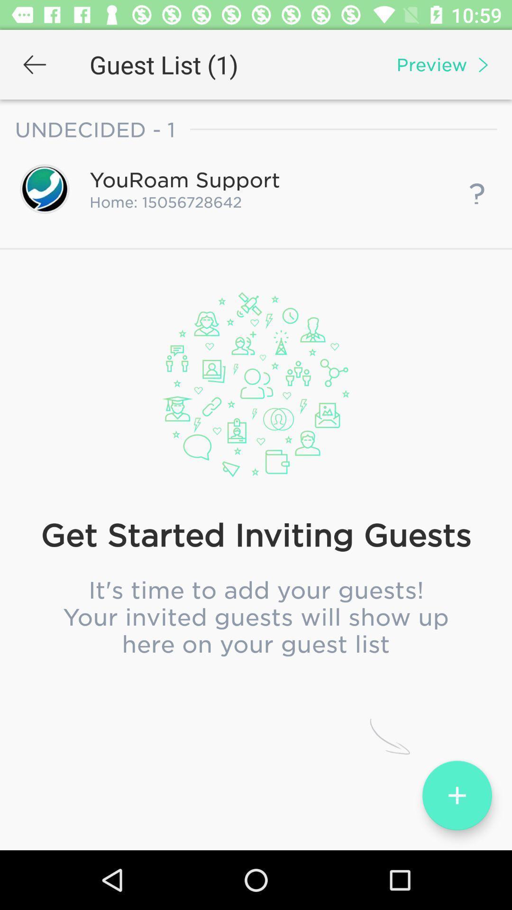  I want to click on more, so click(457, 795).